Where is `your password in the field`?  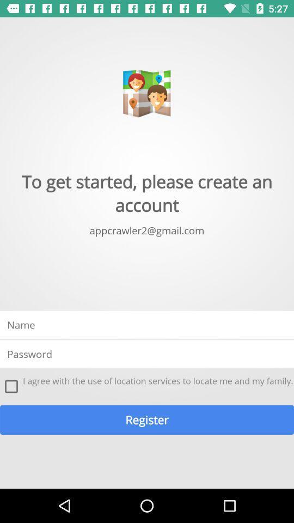
your password in the field is located at coordinates (147, 353).